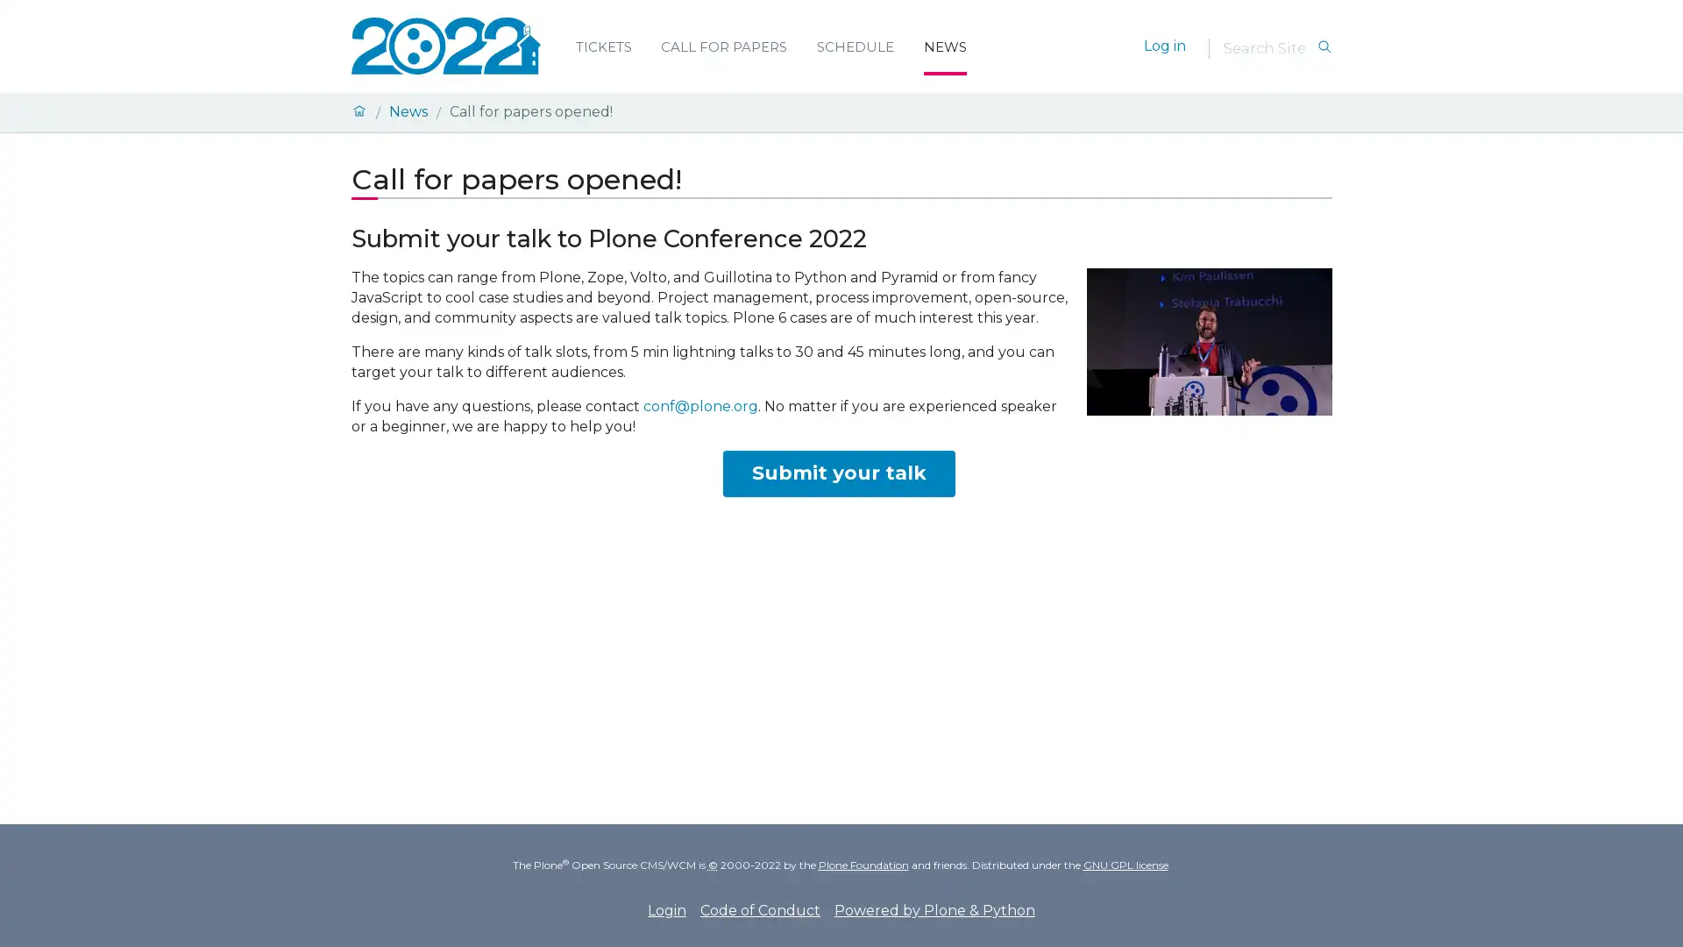 Image resolution: width=1683 pixels, height=947 pixels. What do you see at coordinates (1324, 46) in the screenshot?
I see `Search` at bounding box center [1324, 46].